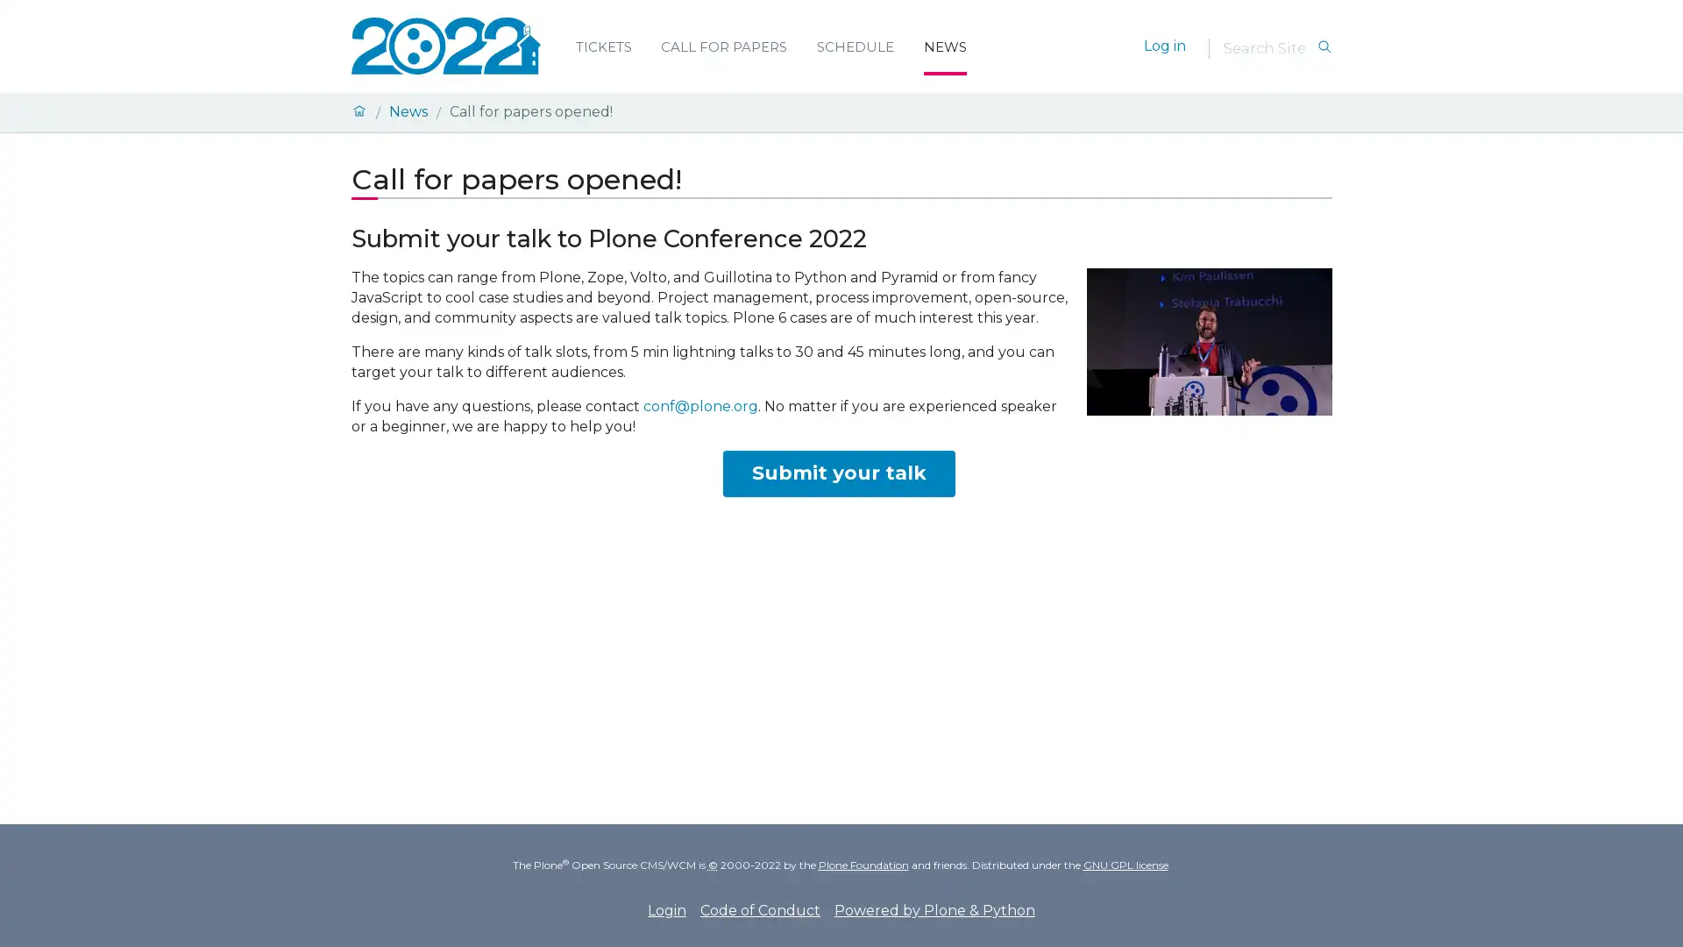 Image resolution: width=1683 pixels, height=947 pixels. What do you see at coordinates (1324, 46) in the screenshot?
I see `Search` at bounding box center [1324, 46].